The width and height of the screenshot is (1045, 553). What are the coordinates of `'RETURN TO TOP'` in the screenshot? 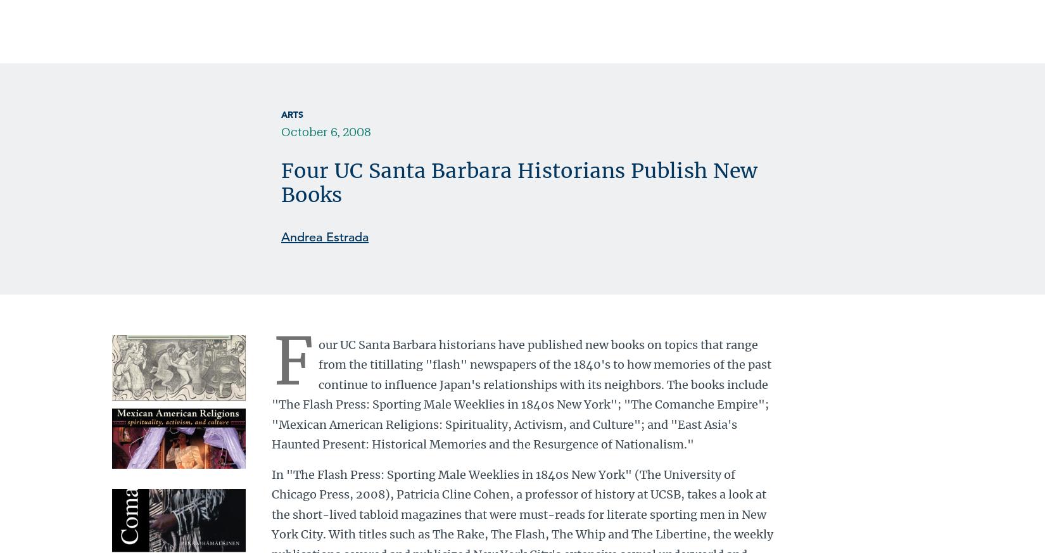 It's located at (322, 210).